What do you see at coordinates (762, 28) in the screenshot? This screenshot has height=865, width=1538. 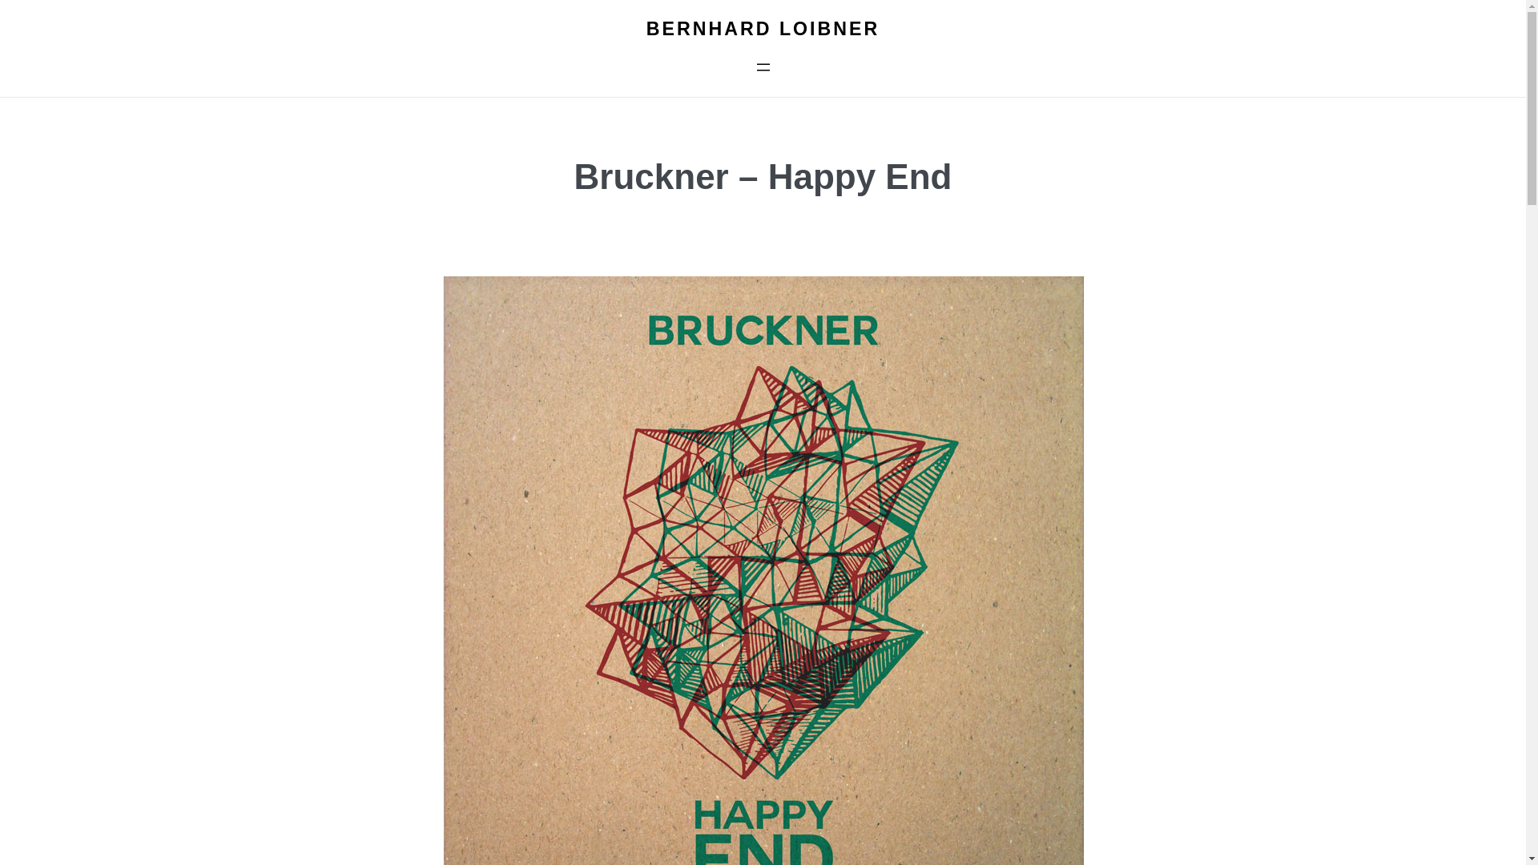 I see `'BERNHARD LOIBNER'` at bounding box center [762, 28].